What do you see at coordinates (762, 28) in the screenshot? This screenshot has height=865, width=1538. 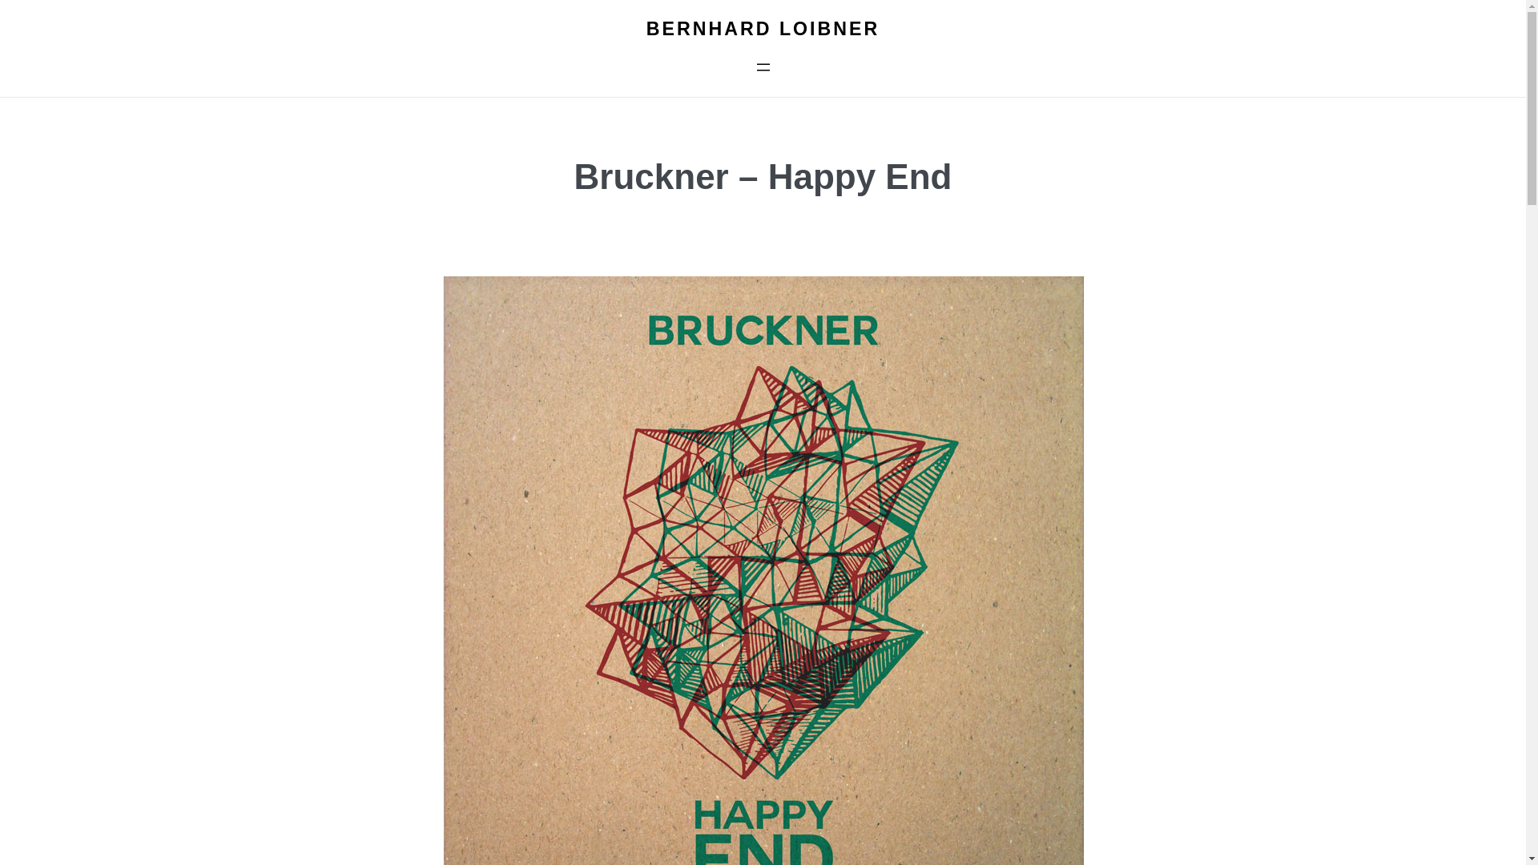 I see `'BERNHARD LOIBNER'` at bounding box center [762, 28].